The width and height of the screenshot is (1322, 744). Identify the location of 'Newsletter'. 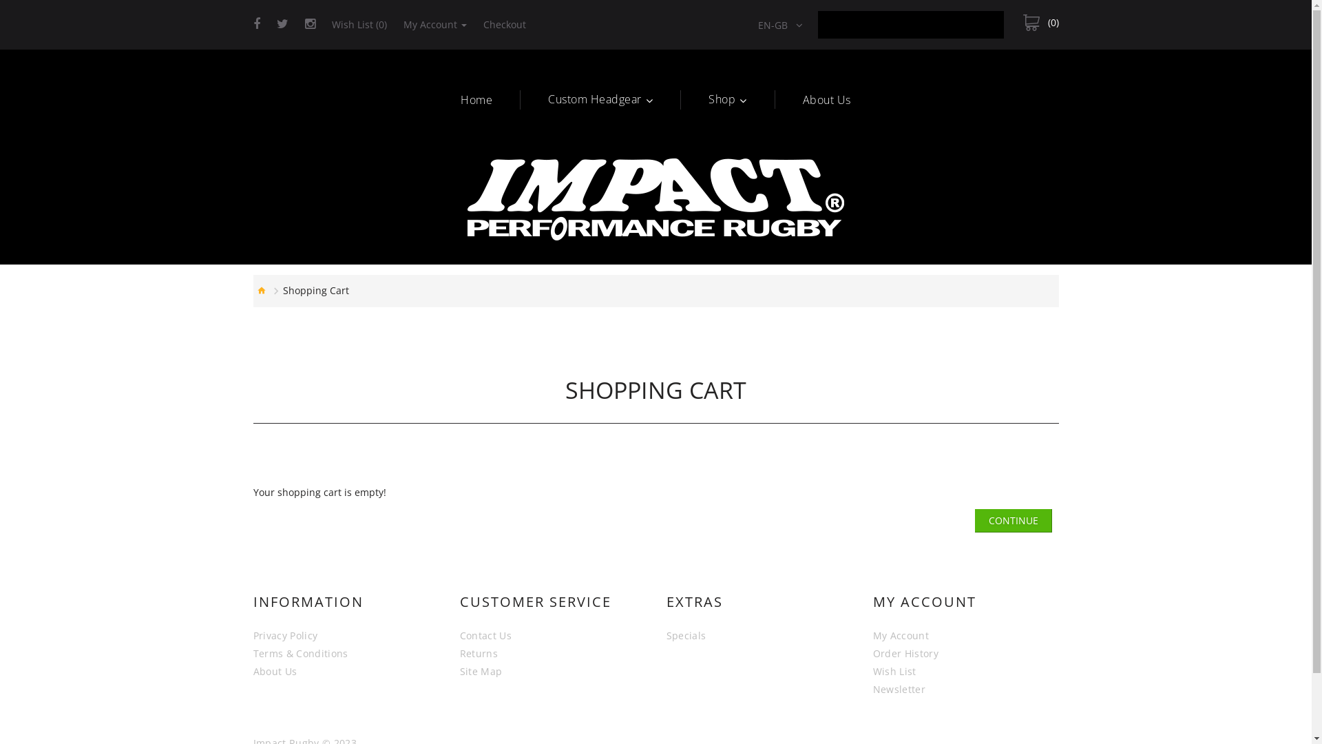
(899, 690).